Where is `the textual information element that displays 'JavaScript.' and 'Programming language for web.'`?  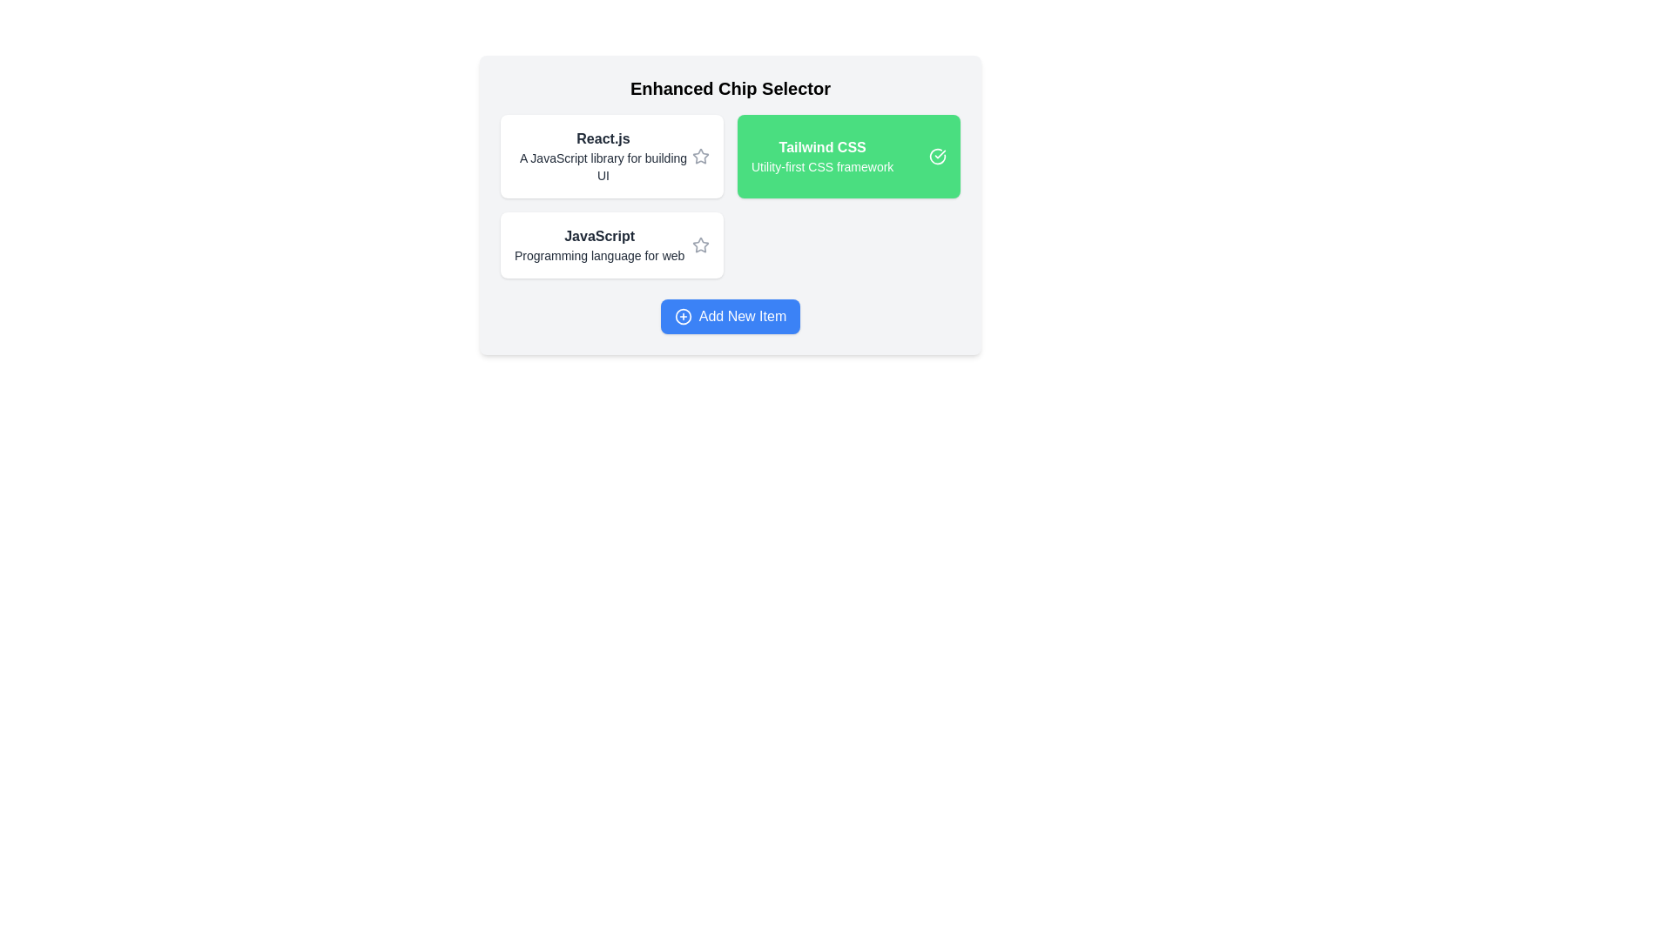 the textual information element that displays 'JavaScript.' and 'Programming language for web.' is located at coordinates (599, 245).